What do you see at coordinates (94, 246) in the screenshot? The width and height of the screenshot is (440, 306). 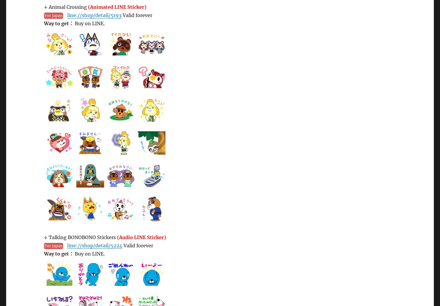 I see `'line://shop/detail/5224'` at bounding box center [94, 246].